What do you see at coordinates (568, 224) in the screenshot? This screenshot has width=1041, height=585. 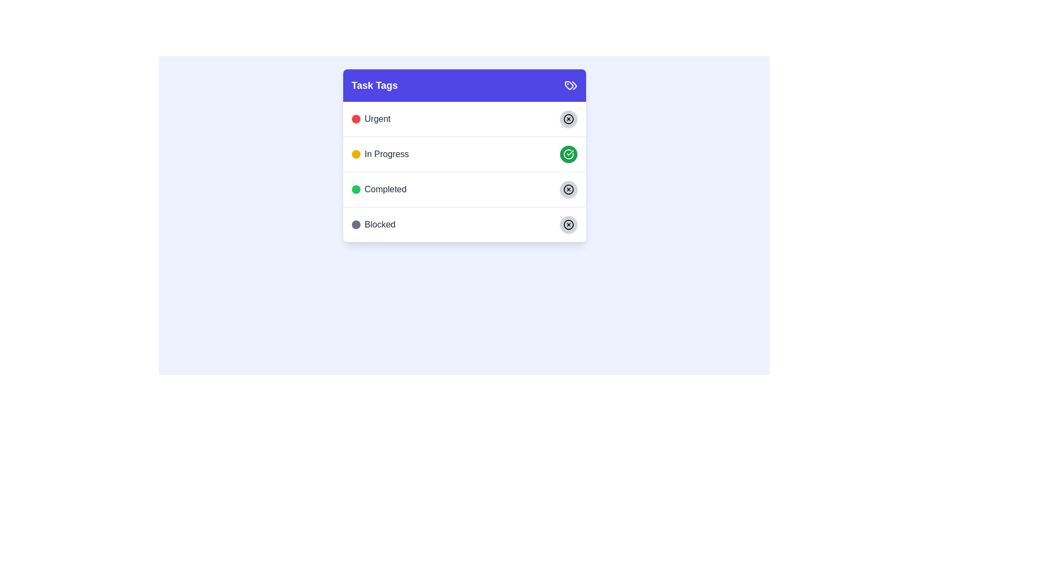 I see `the button at the far right end of the 'Blocked' row` at bounding box center [568, 224].